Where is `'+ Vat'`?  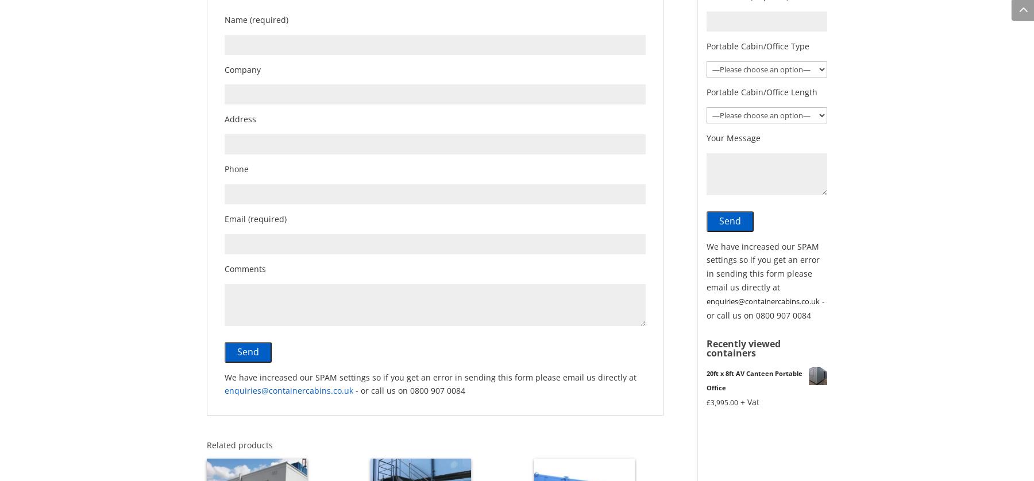 '+ Vat' is located at coordinates (740, 401).